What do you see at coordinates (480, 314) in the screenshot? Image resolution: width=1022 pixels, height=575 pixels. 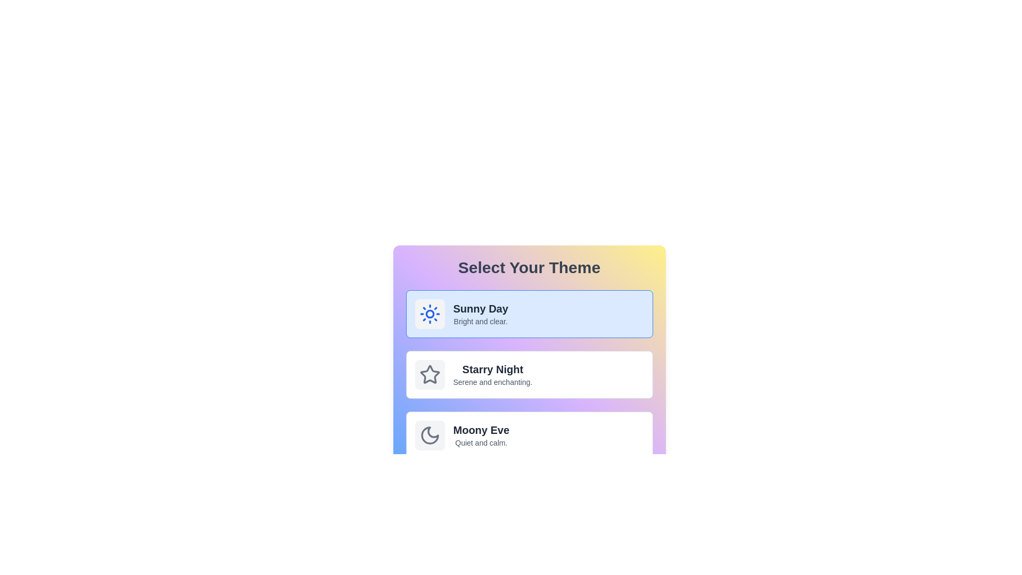 I see `the text element displaying 'Sunny Day' with the subtitle 'Bright and clear.' located in the top-left of the 'Sunny Day' selection box` at bounding box center [480, 314].